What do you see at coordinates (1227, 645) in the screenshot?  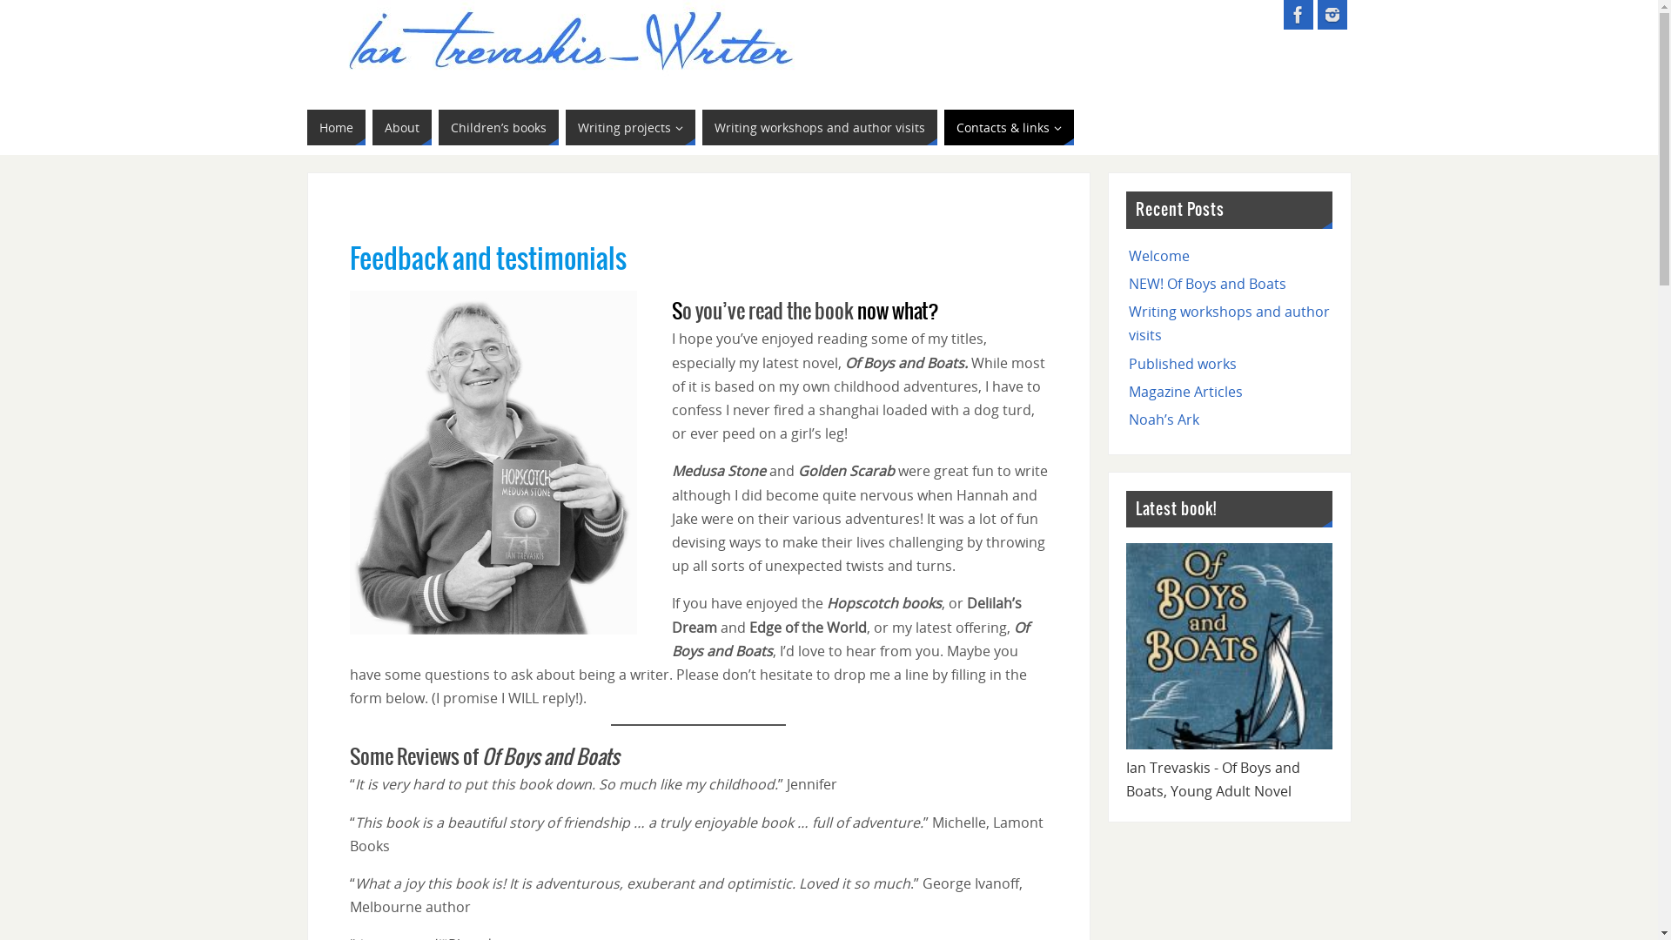 I see `'Of-Boys-and-Boats-post-pic1'` at bounding box center [1227, 645].